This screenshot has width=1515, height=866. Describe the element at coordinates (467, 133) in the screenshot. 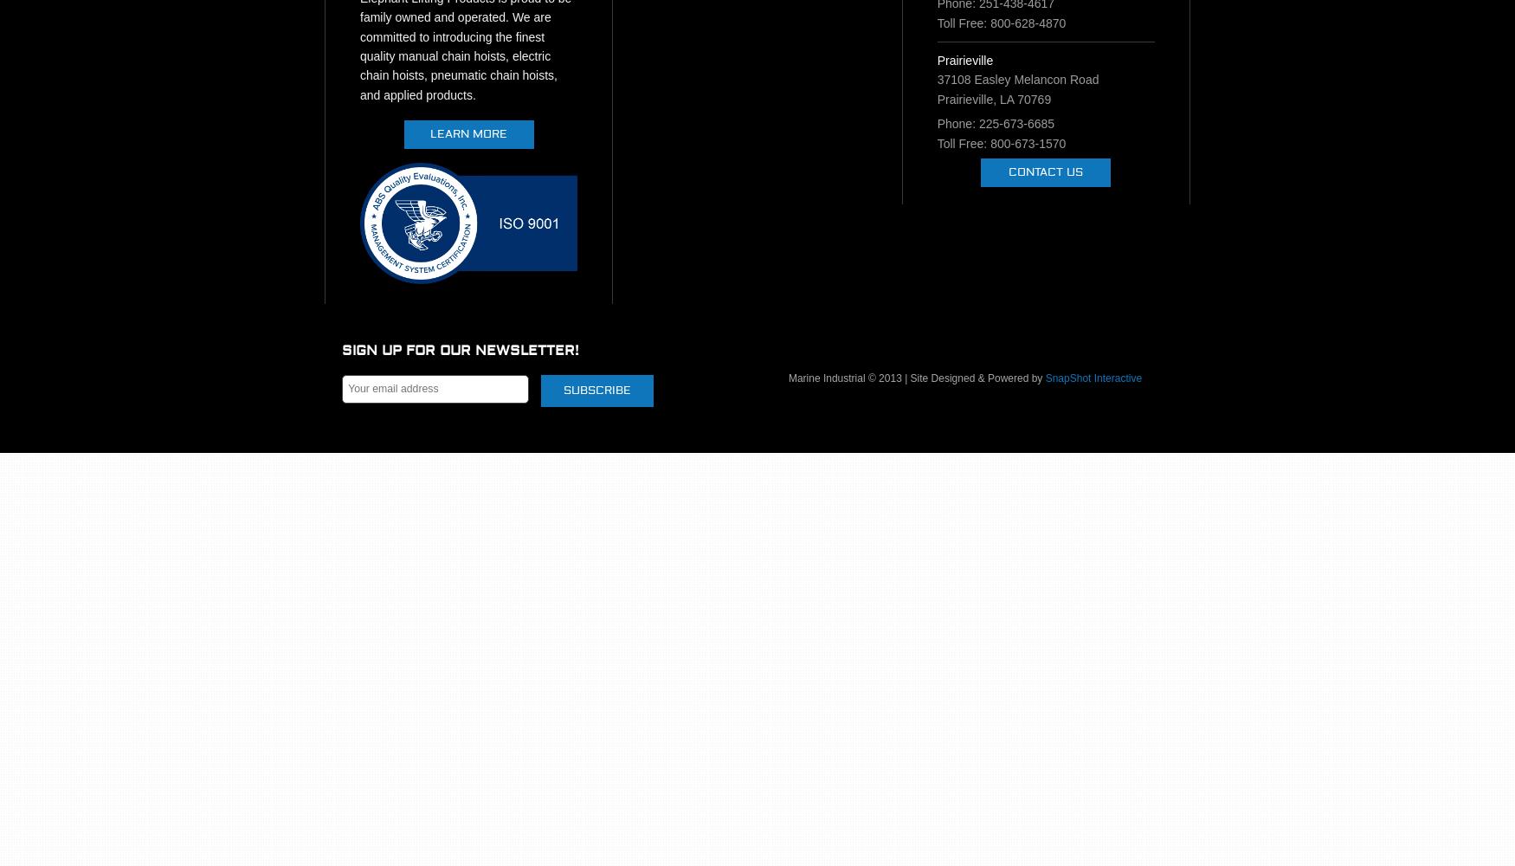

I see `'Learn More'` at that location.